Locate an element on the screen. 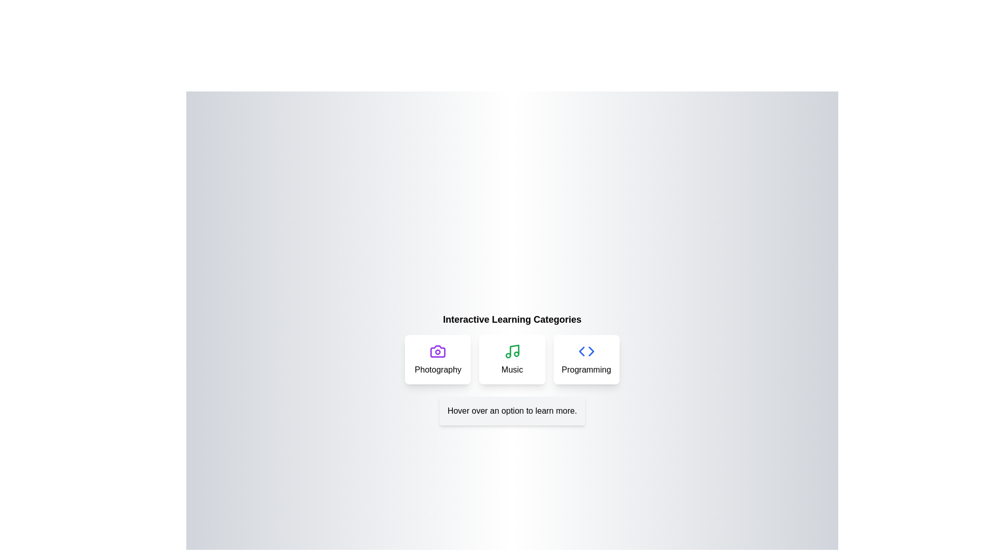  the vertical line element of the musical note icon located to the left of the 'Music' text to interact with it is located at coordinates (514, 350).